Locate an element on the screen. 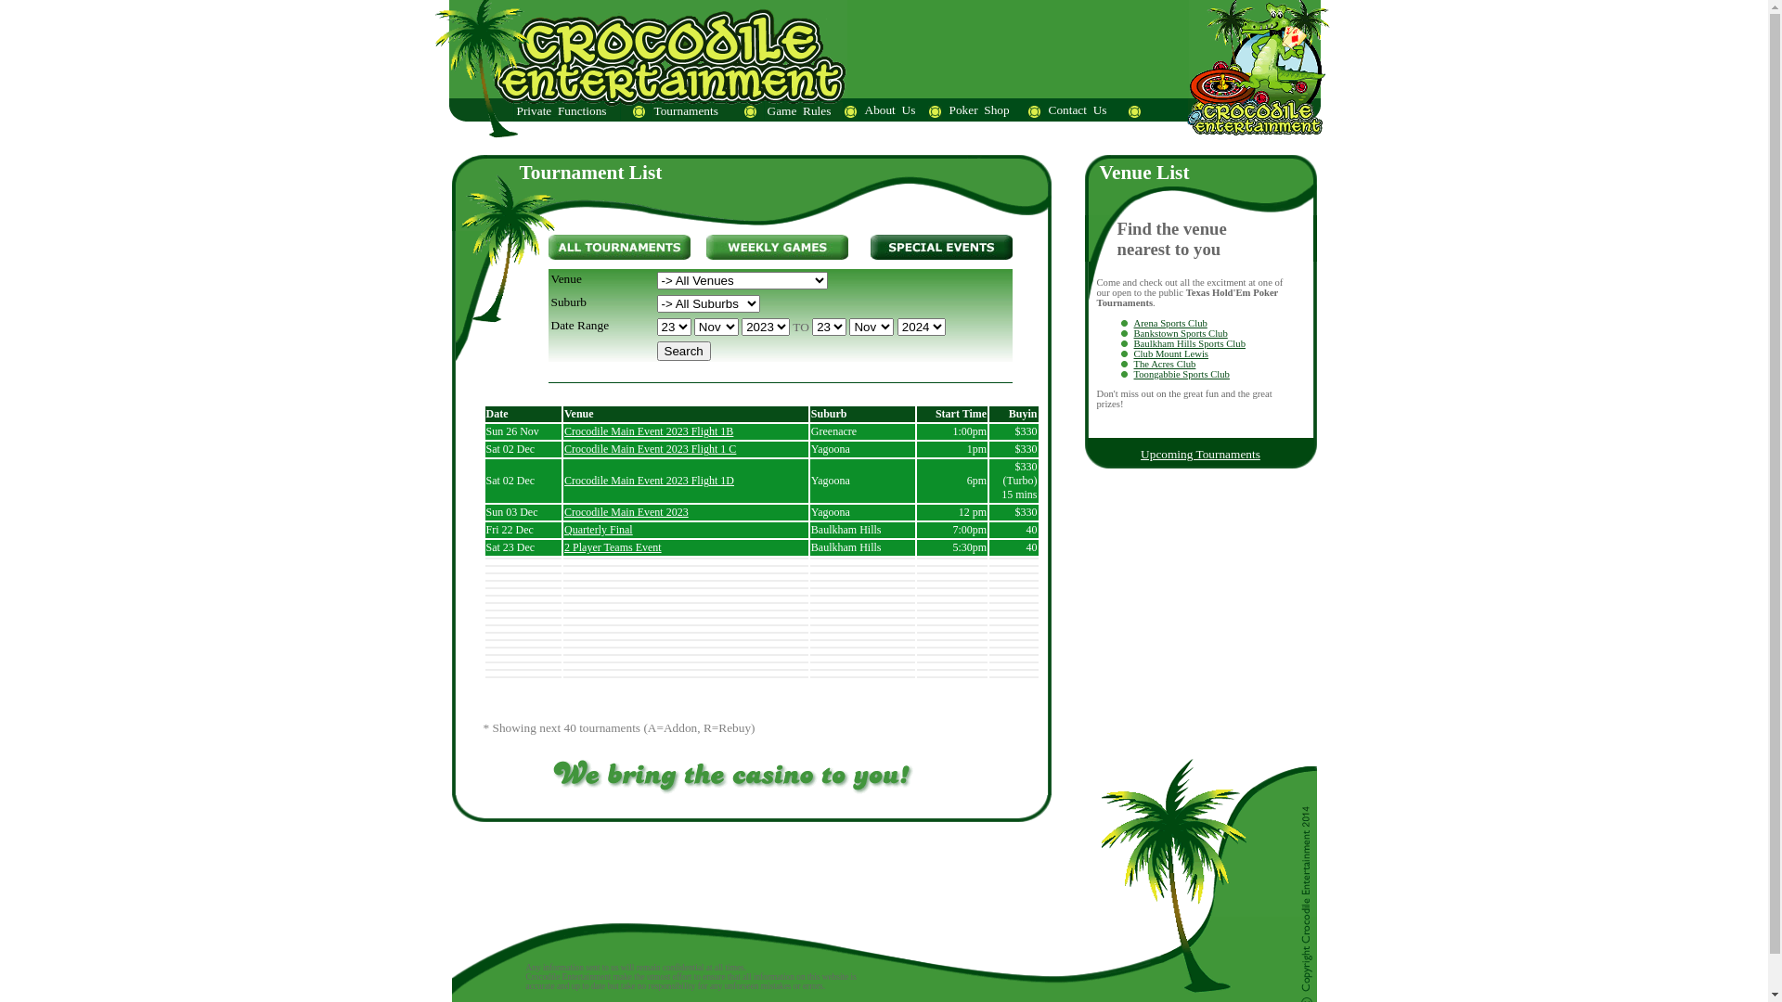  'Search' is located at coordinates (683, 351).